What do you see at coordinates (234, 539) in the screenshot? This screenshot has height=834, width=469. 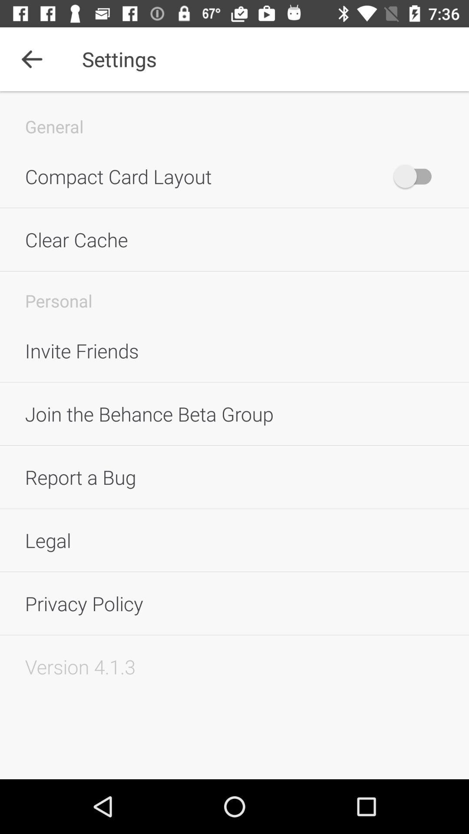 I see `the icon below report a bug icon` at bounding box center [234, 539].